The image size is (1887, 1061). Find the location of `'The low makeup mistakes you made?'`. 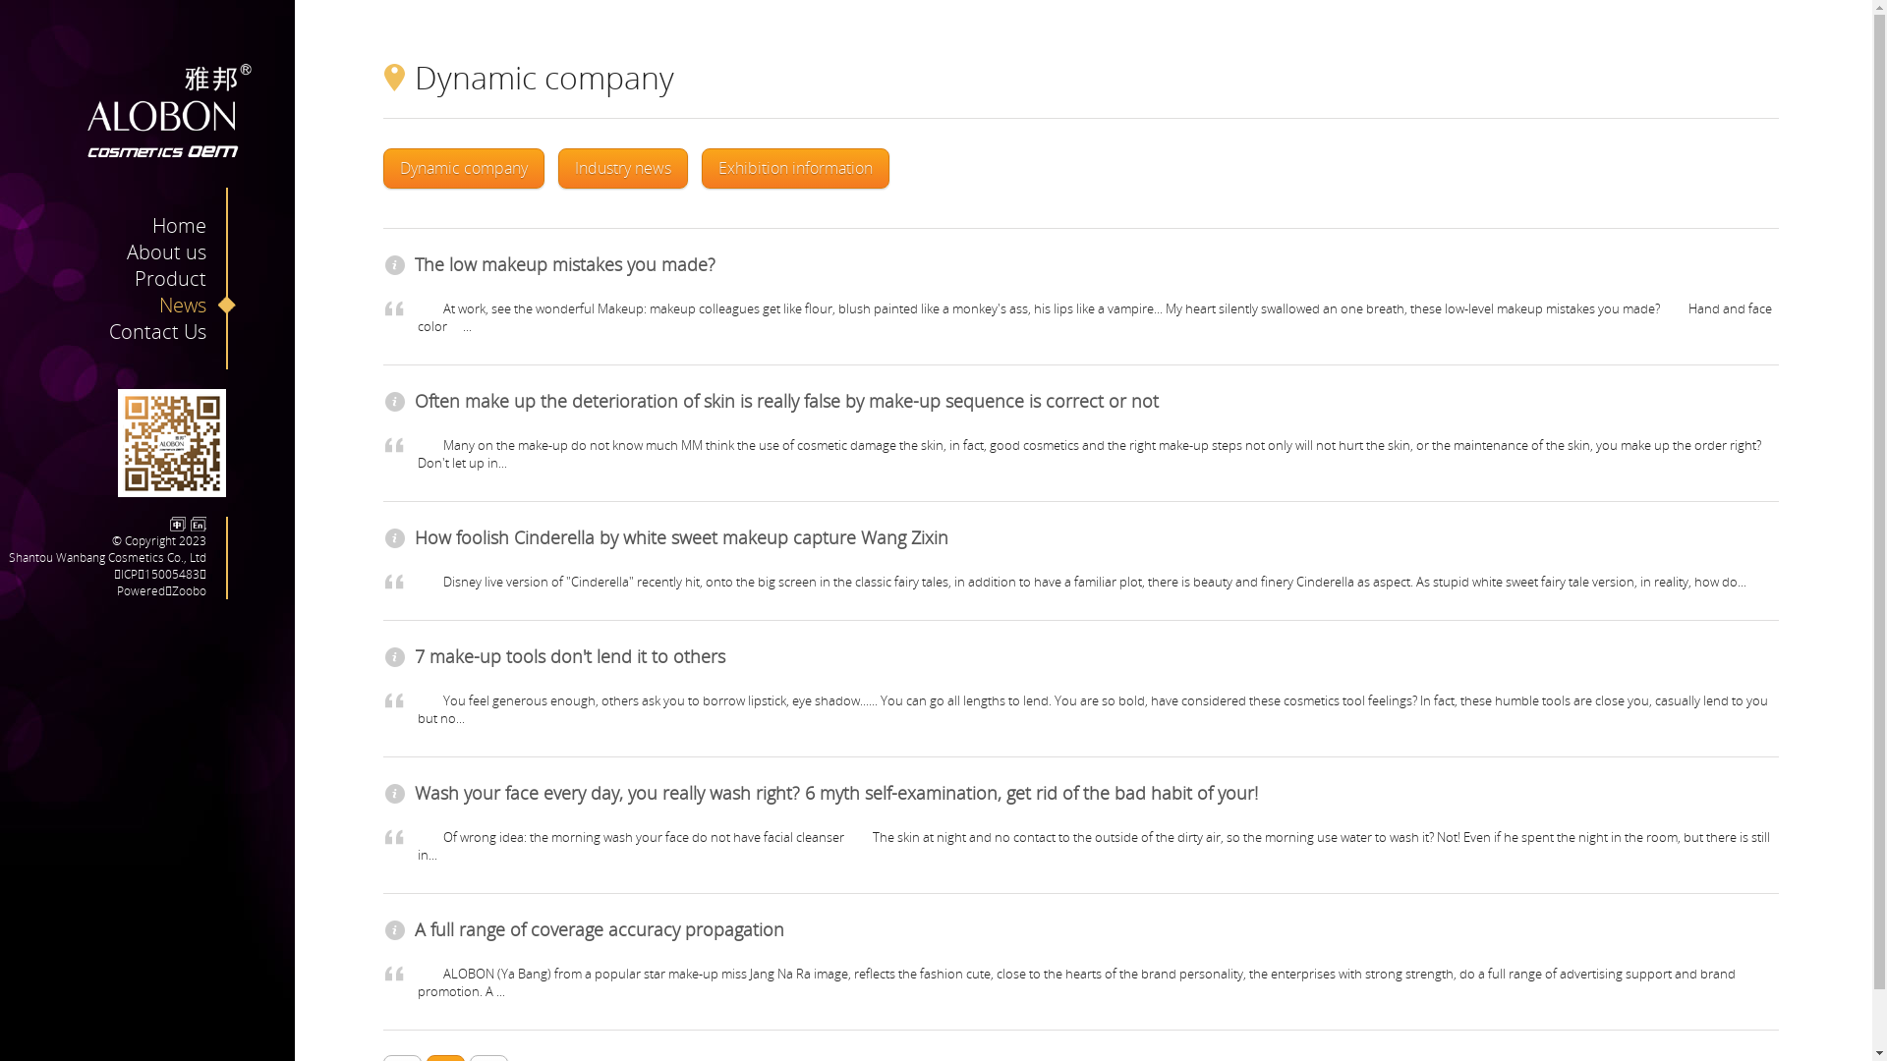

'The low makeup mistakes you made?' is located at coordinates (564, 263).